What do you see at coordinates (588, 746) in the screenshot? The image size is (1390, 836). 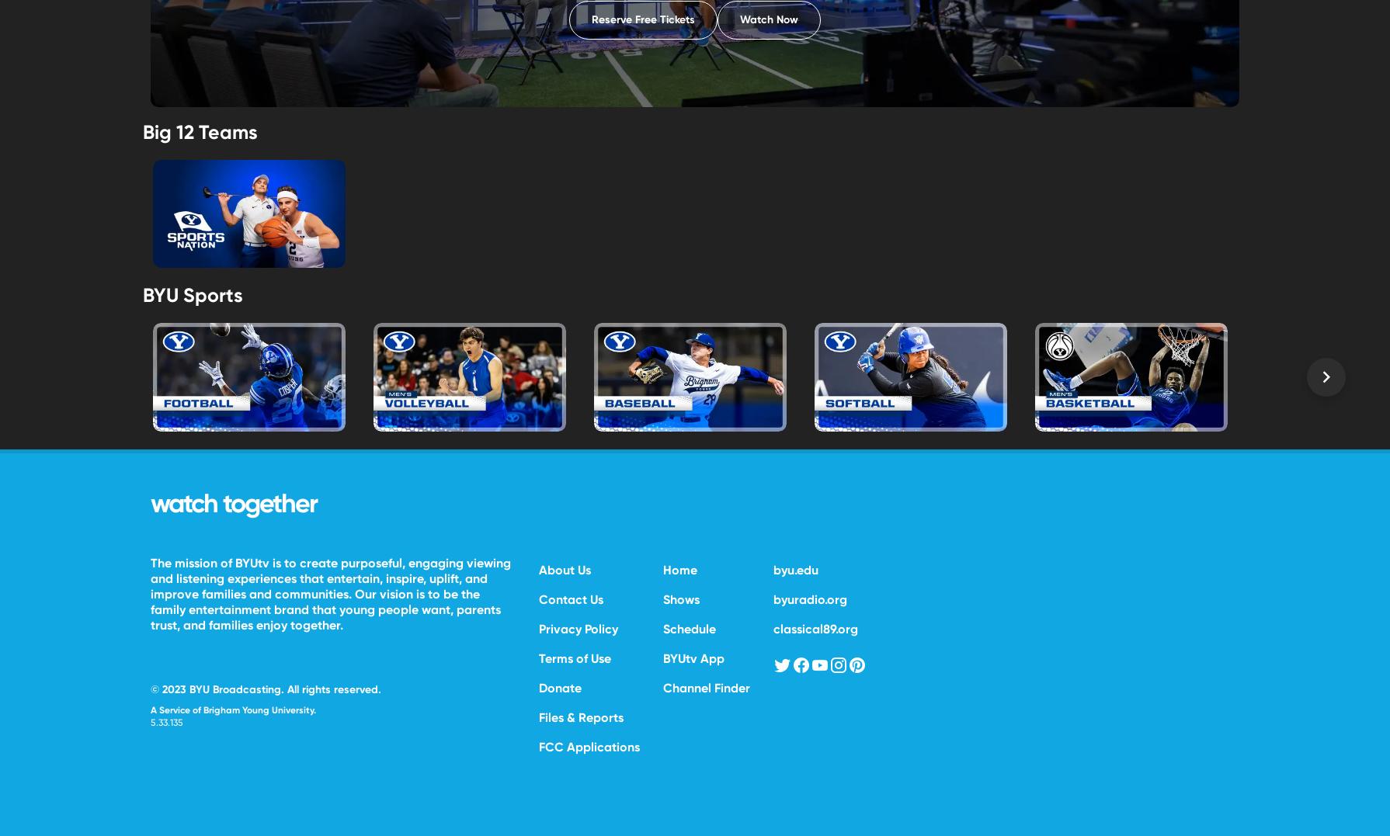 I see `'FCC Applications'` at bounding box center [588, 746].